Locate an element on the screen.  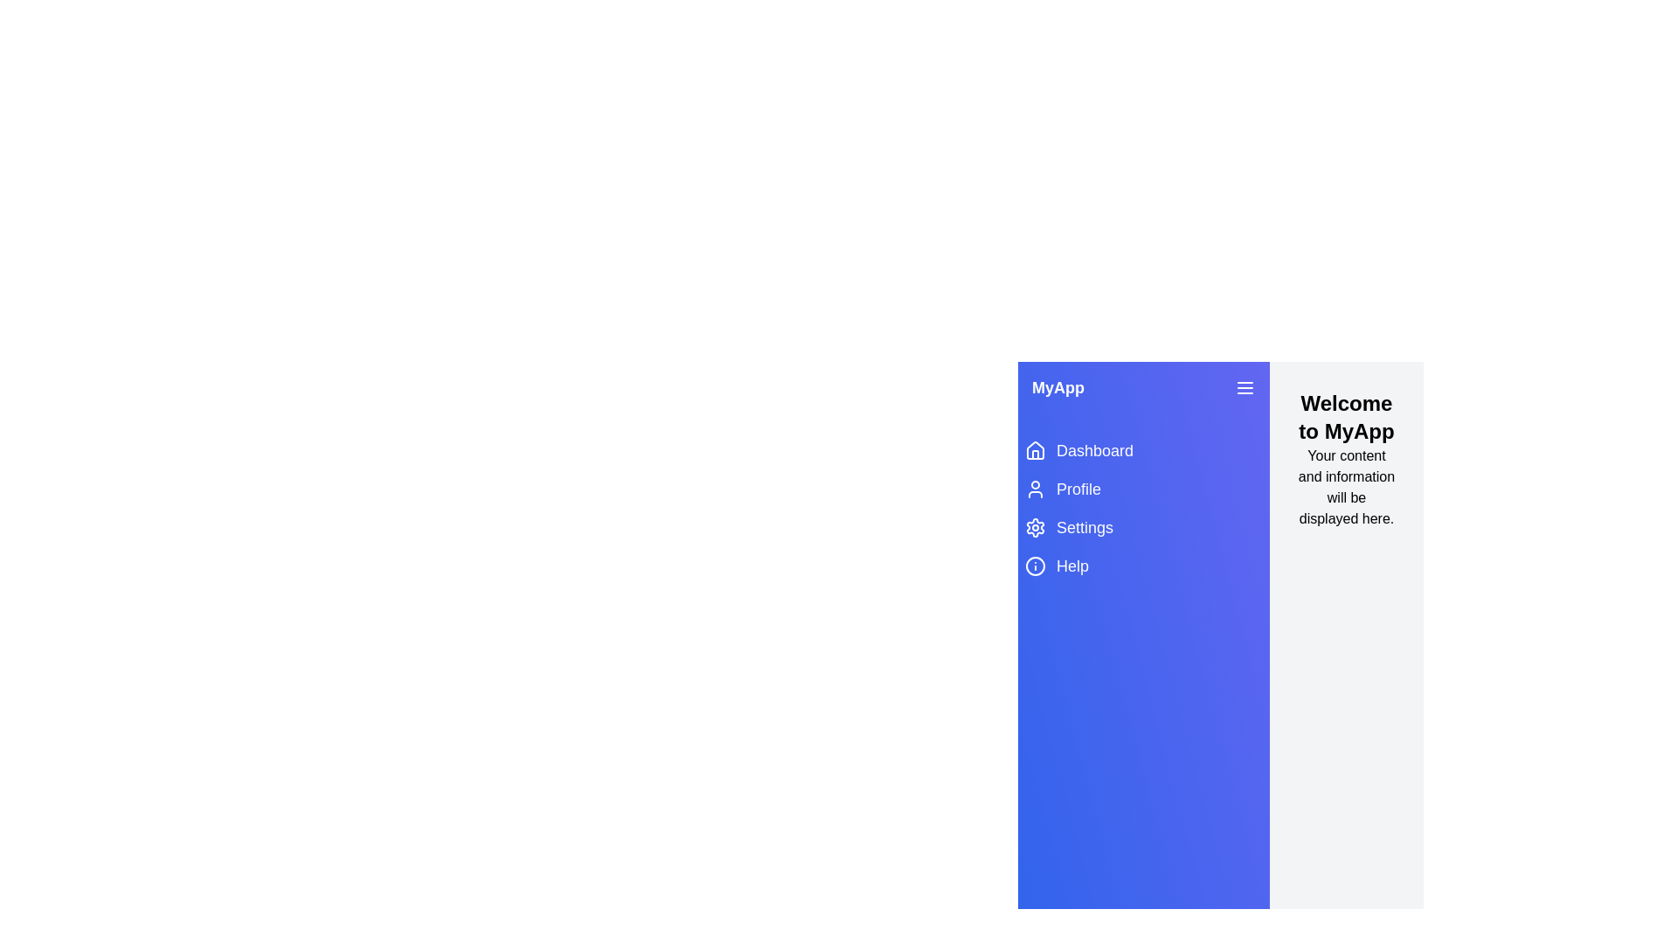
the menu item labeled Profile is located at coordinates (1144, 489).